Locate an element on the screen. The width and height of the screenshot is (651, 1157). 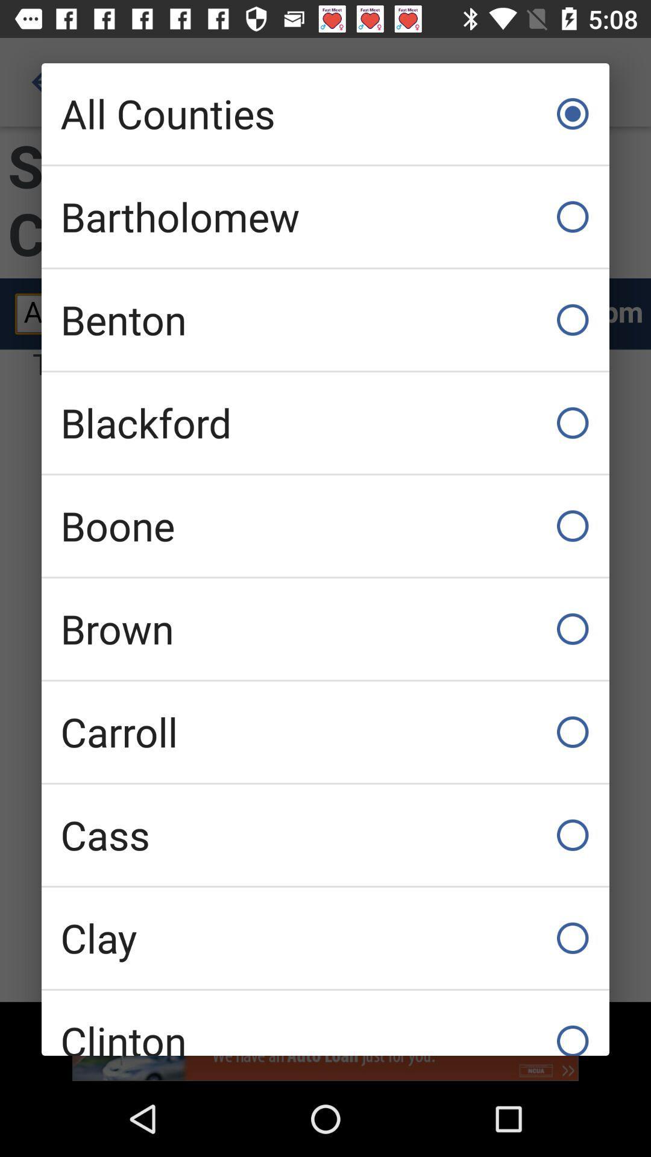
the icon below the bartholomew icon is located at coordinates (325, 320).